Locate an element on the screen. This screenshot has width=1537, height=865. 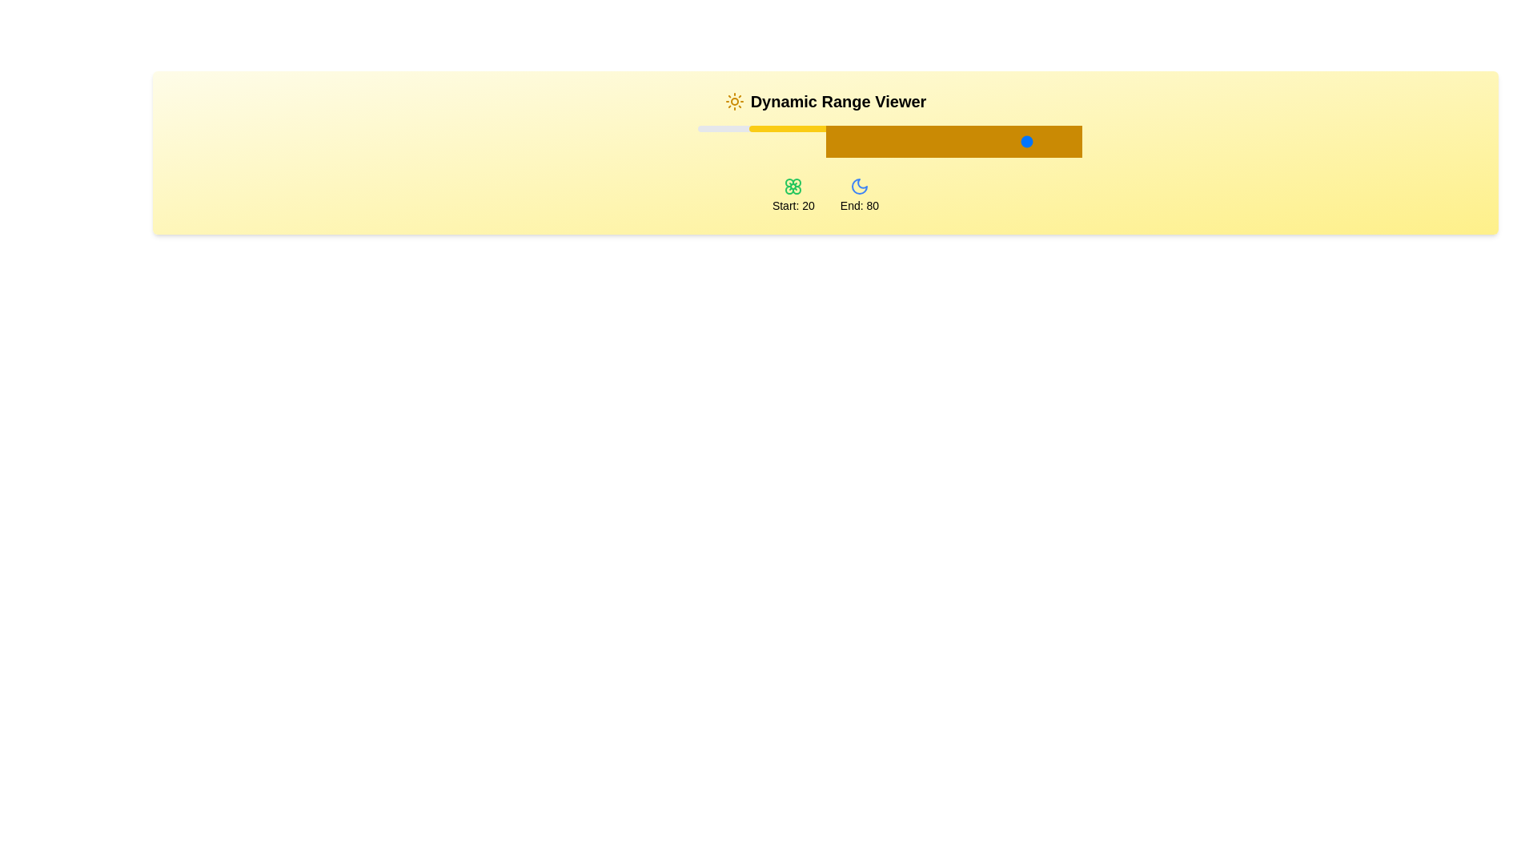
the slider is located at coordinates (913, 128).